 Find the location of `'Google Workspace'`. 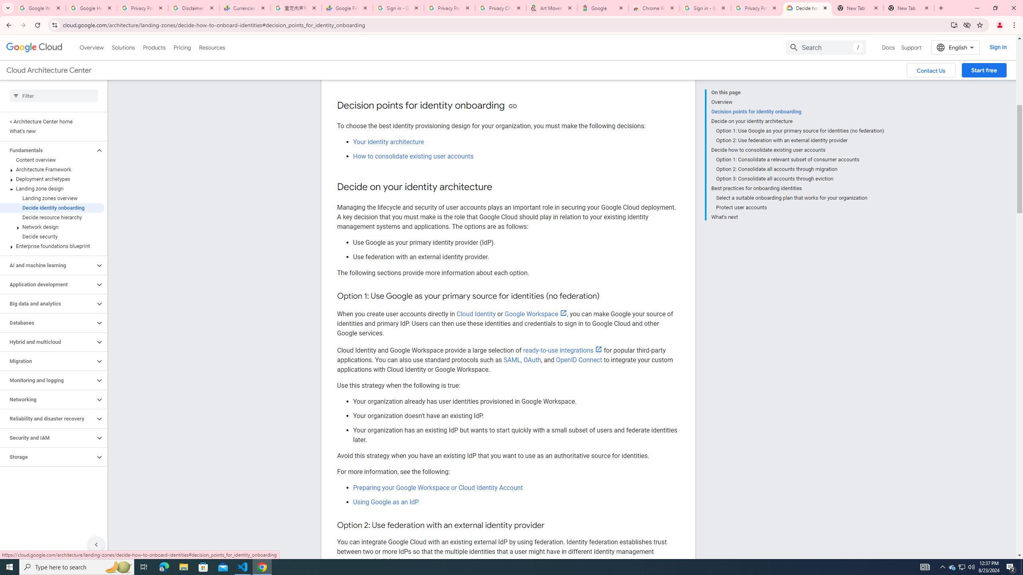

'Google Workspace' is located at coordinates (535, 313).